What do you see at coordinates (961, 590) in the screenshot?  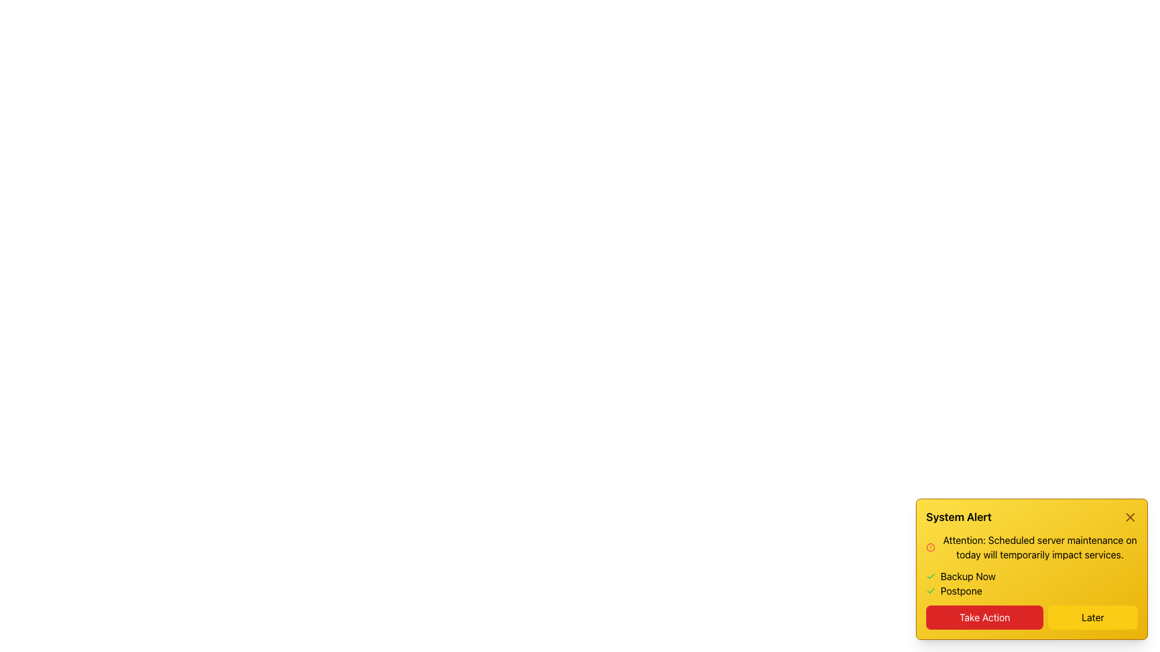 I see `the status text indicating postponement in the 'System Alert' notification card, located below 'Backup Now'` at bounding box center [961, 590].